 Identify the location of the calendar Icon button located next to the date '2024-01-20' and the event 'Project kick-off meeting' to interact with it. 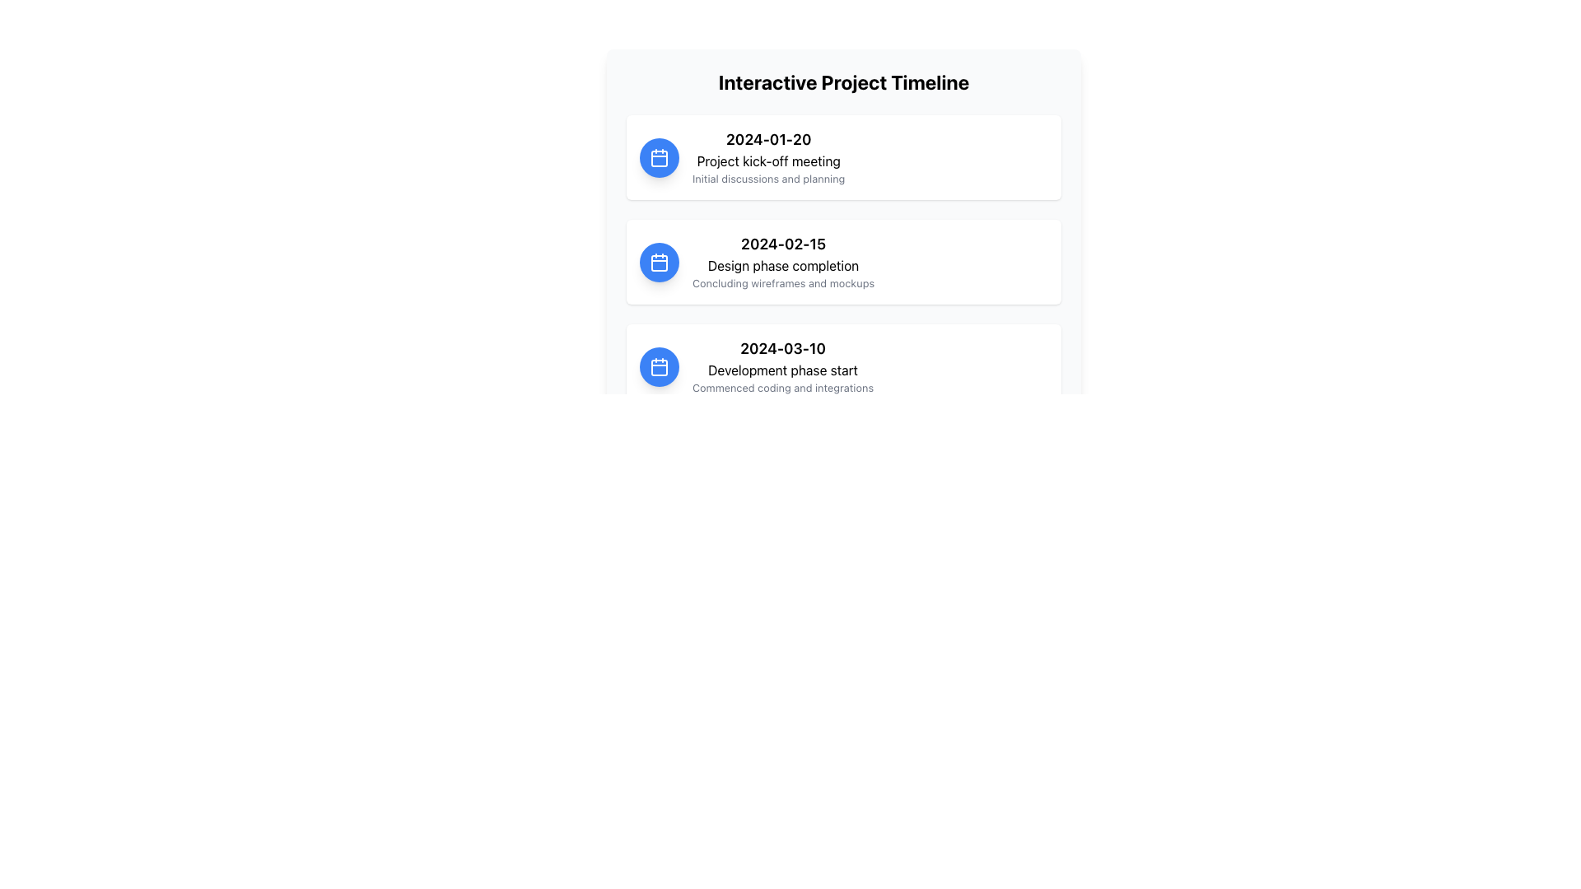
(660, 157).